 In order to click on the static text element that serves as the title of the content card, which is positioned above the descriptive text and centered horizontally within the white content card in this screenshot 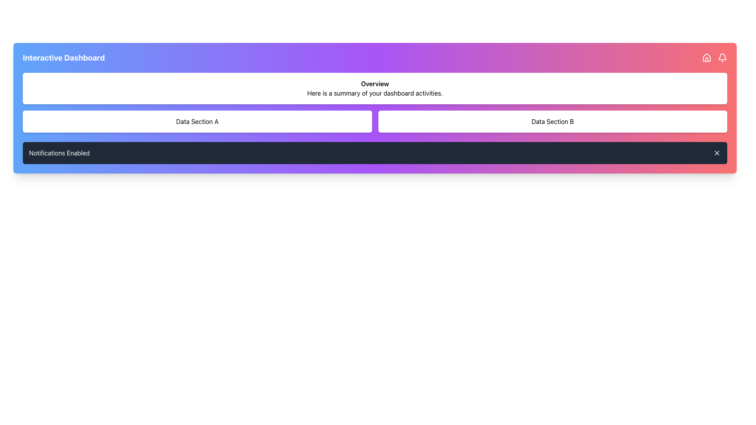, I will do `click(374, 83)`.